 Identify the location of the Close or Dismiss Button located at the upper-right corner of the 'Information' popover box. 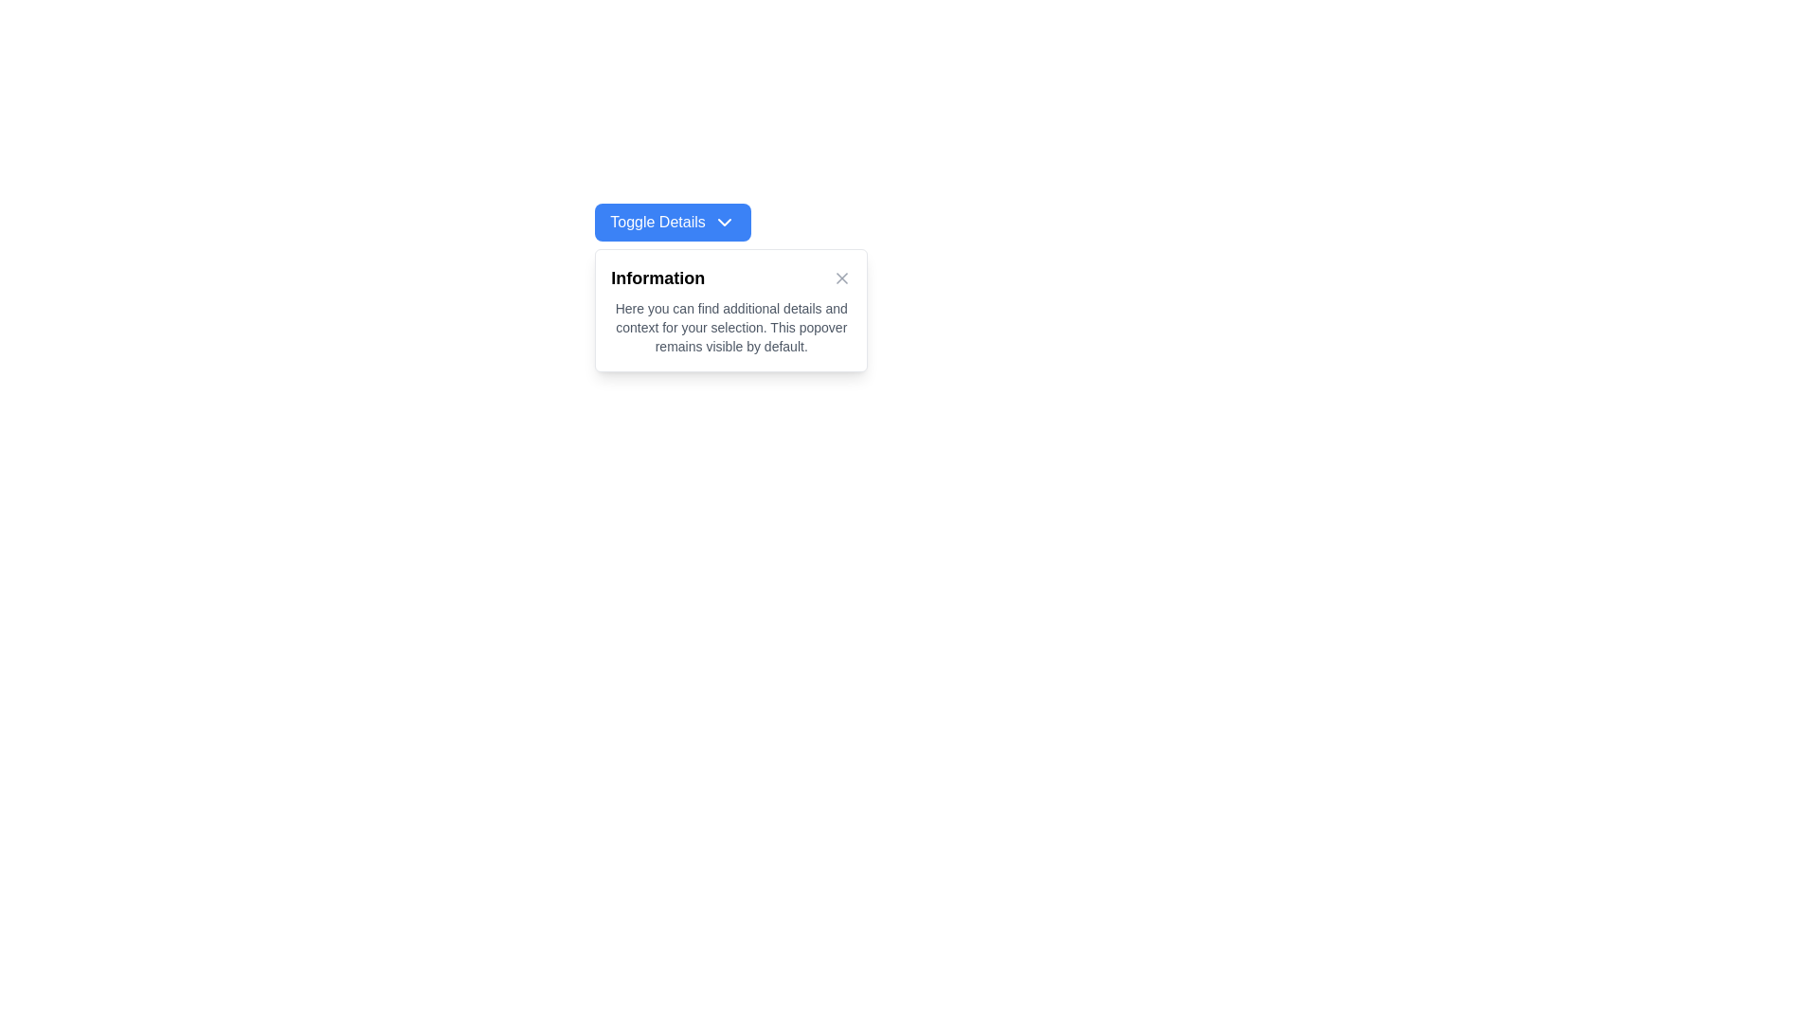
(841, 278).